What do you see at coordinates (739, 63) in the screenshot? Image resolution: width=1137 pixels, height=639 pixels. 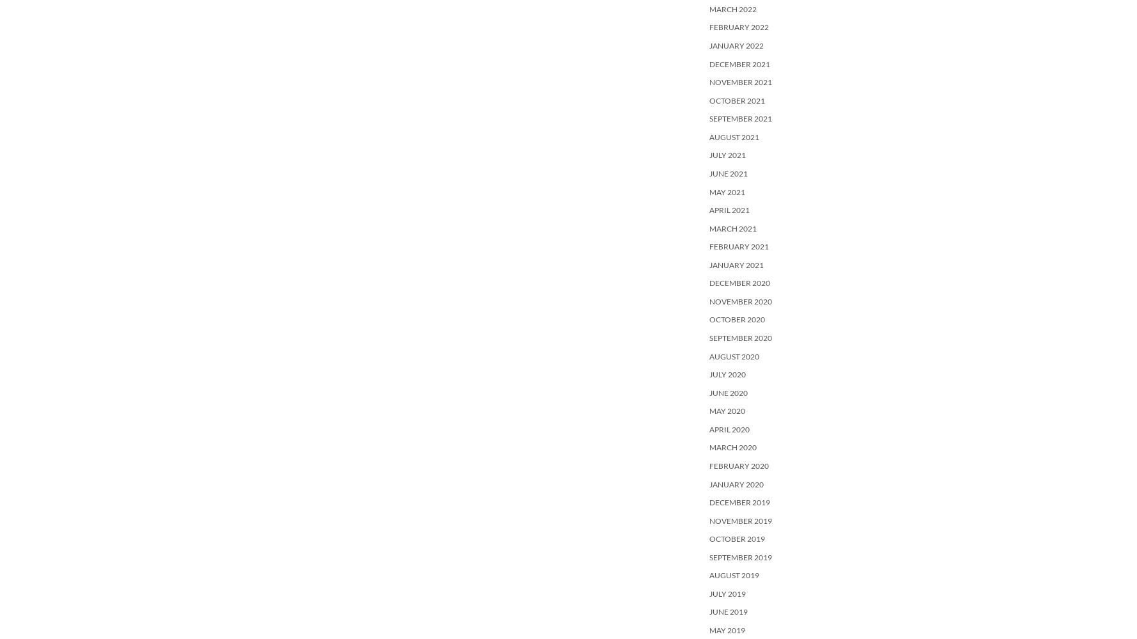 I see `'December 2021'` at bounding box center [739, 63].